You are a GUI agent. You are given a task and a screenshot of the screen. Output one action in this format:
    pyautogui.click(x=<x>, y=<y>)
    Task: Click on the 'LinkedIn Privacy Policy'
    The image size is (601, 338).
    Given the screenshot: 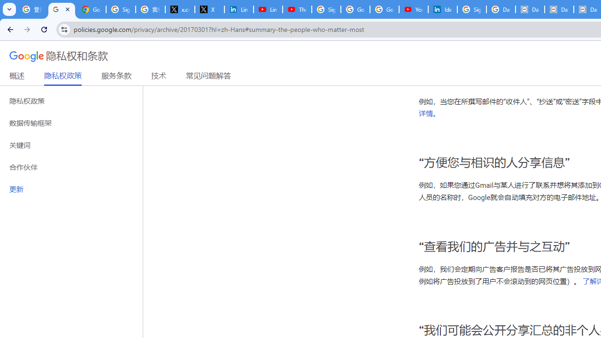 What is the action you would take?
    pyautogui.click(x=239, y=9)
    